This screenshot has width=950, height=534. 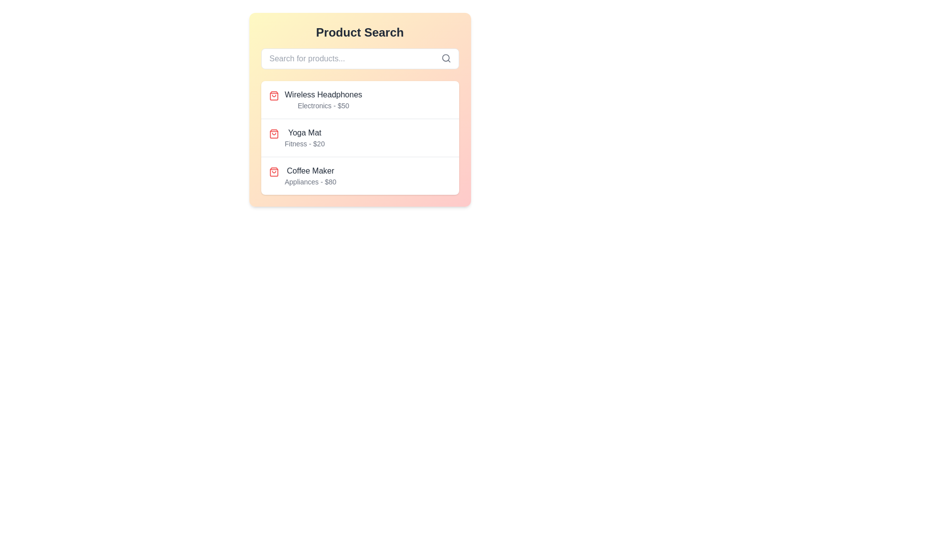 I want to click on the text label displaying 'Appliances - $80', which is located below the 'Coffee Maker' heading in the product listing, so click(x=310, y=181).